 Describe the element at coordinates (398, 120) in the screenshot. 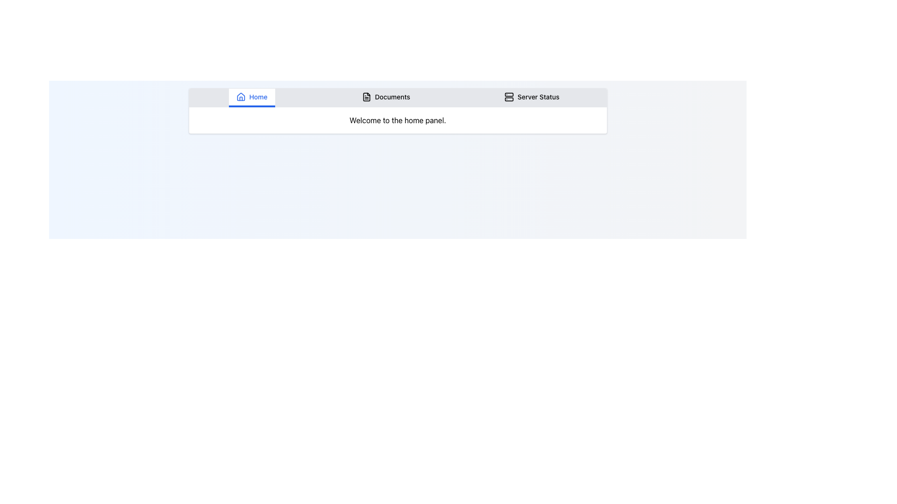

I see `text displayed in the bold single-line text label that says 'Welcome to the home panel.' positioned centrally below the navigation bar` at that location.